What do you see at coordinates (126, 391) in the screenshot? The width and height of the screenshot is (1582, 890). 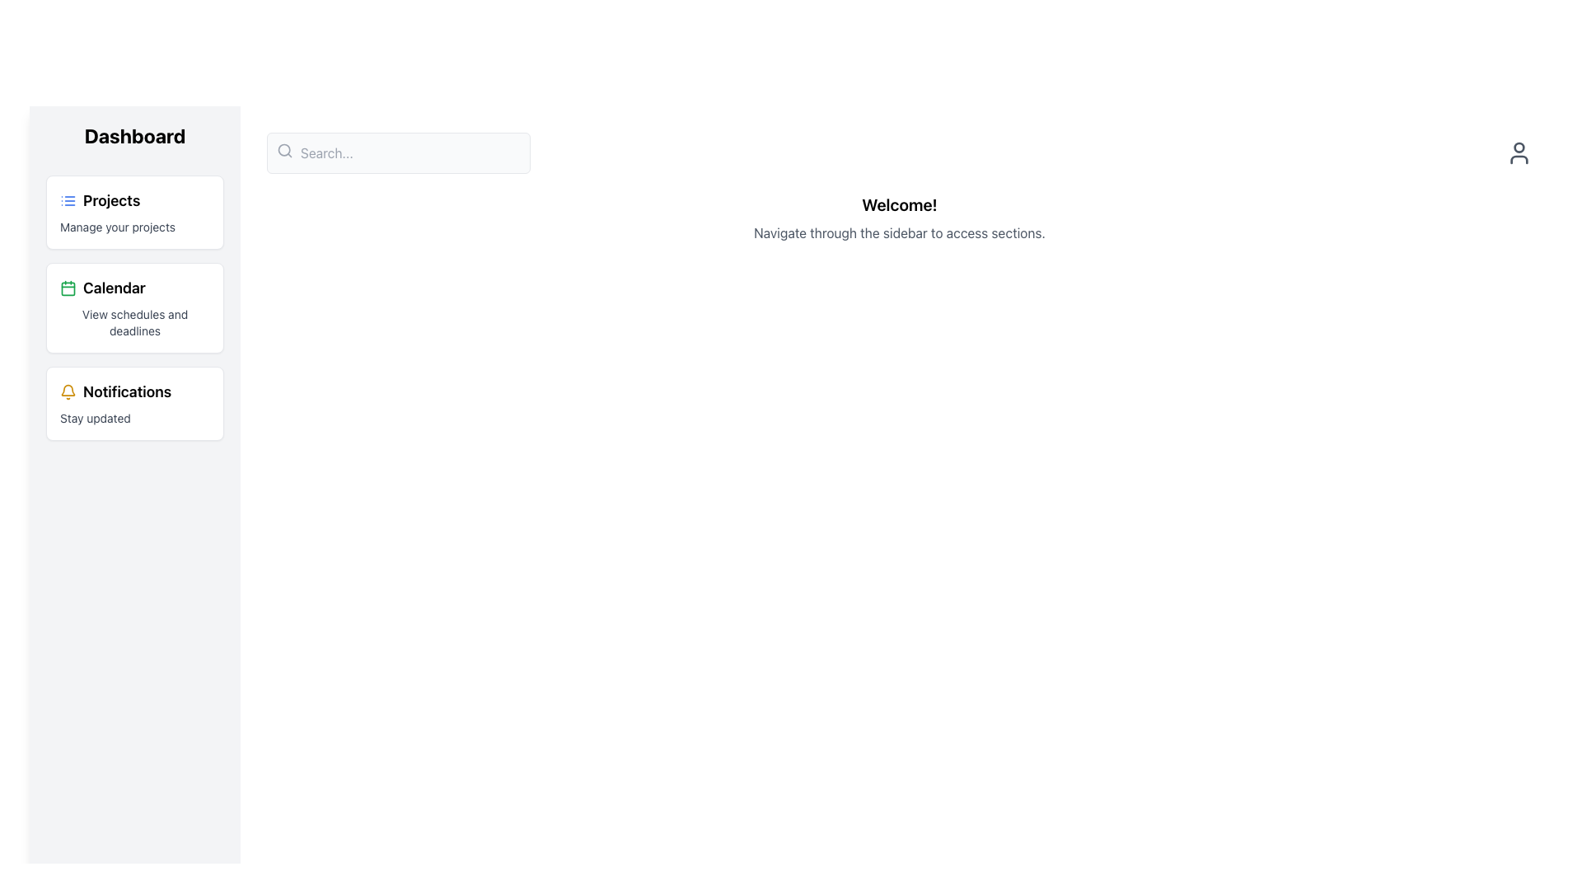 I see `the bold 'Notifications' text label located in the vertical navigation menu on the left side of the interface, which is the third item in the list and adjacent to a yellow bell icon` at bounding box center [126, 391].